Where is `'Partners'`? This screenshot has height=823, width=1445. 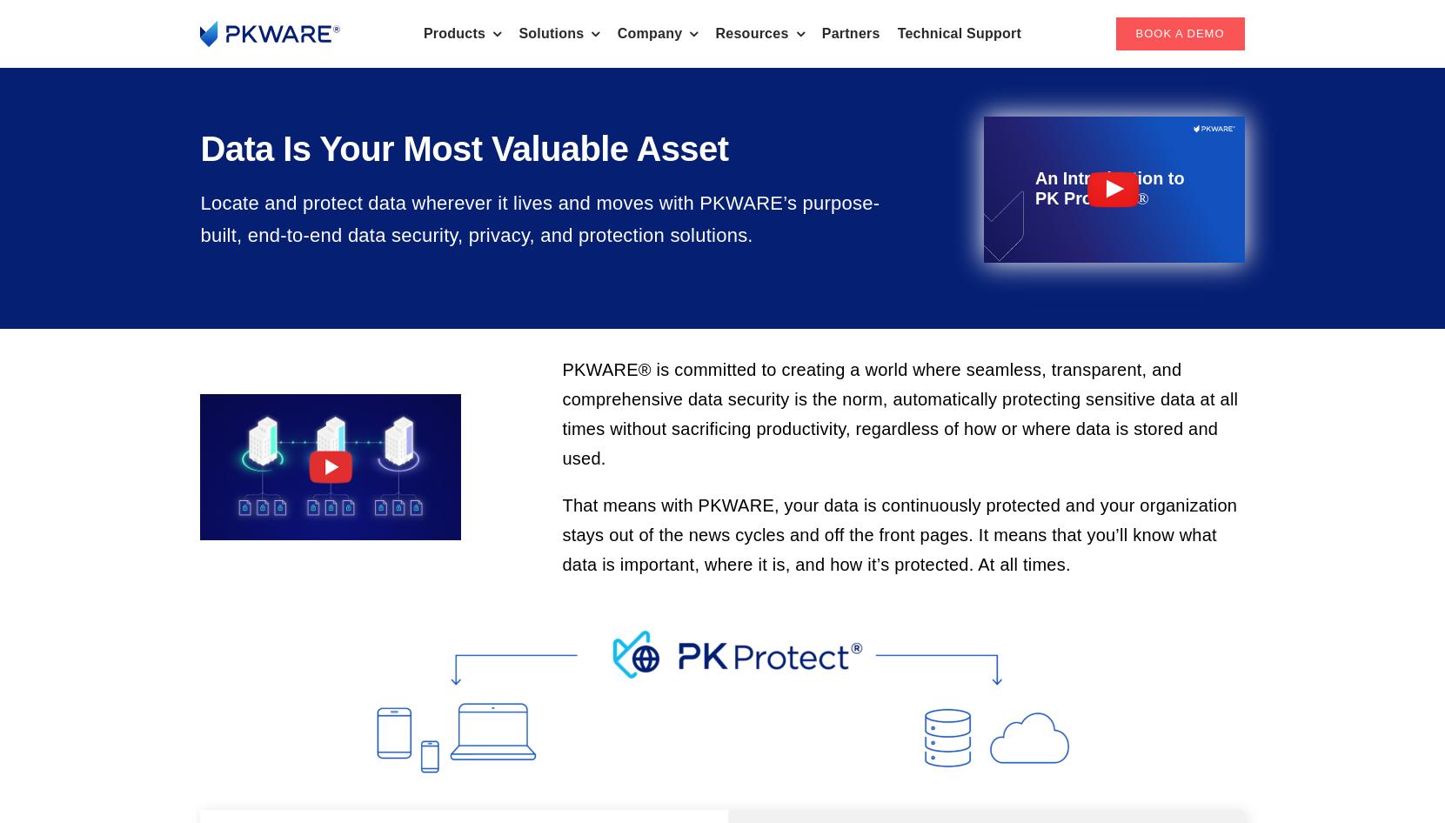 'Partners' is located at coordinates (849, 33).